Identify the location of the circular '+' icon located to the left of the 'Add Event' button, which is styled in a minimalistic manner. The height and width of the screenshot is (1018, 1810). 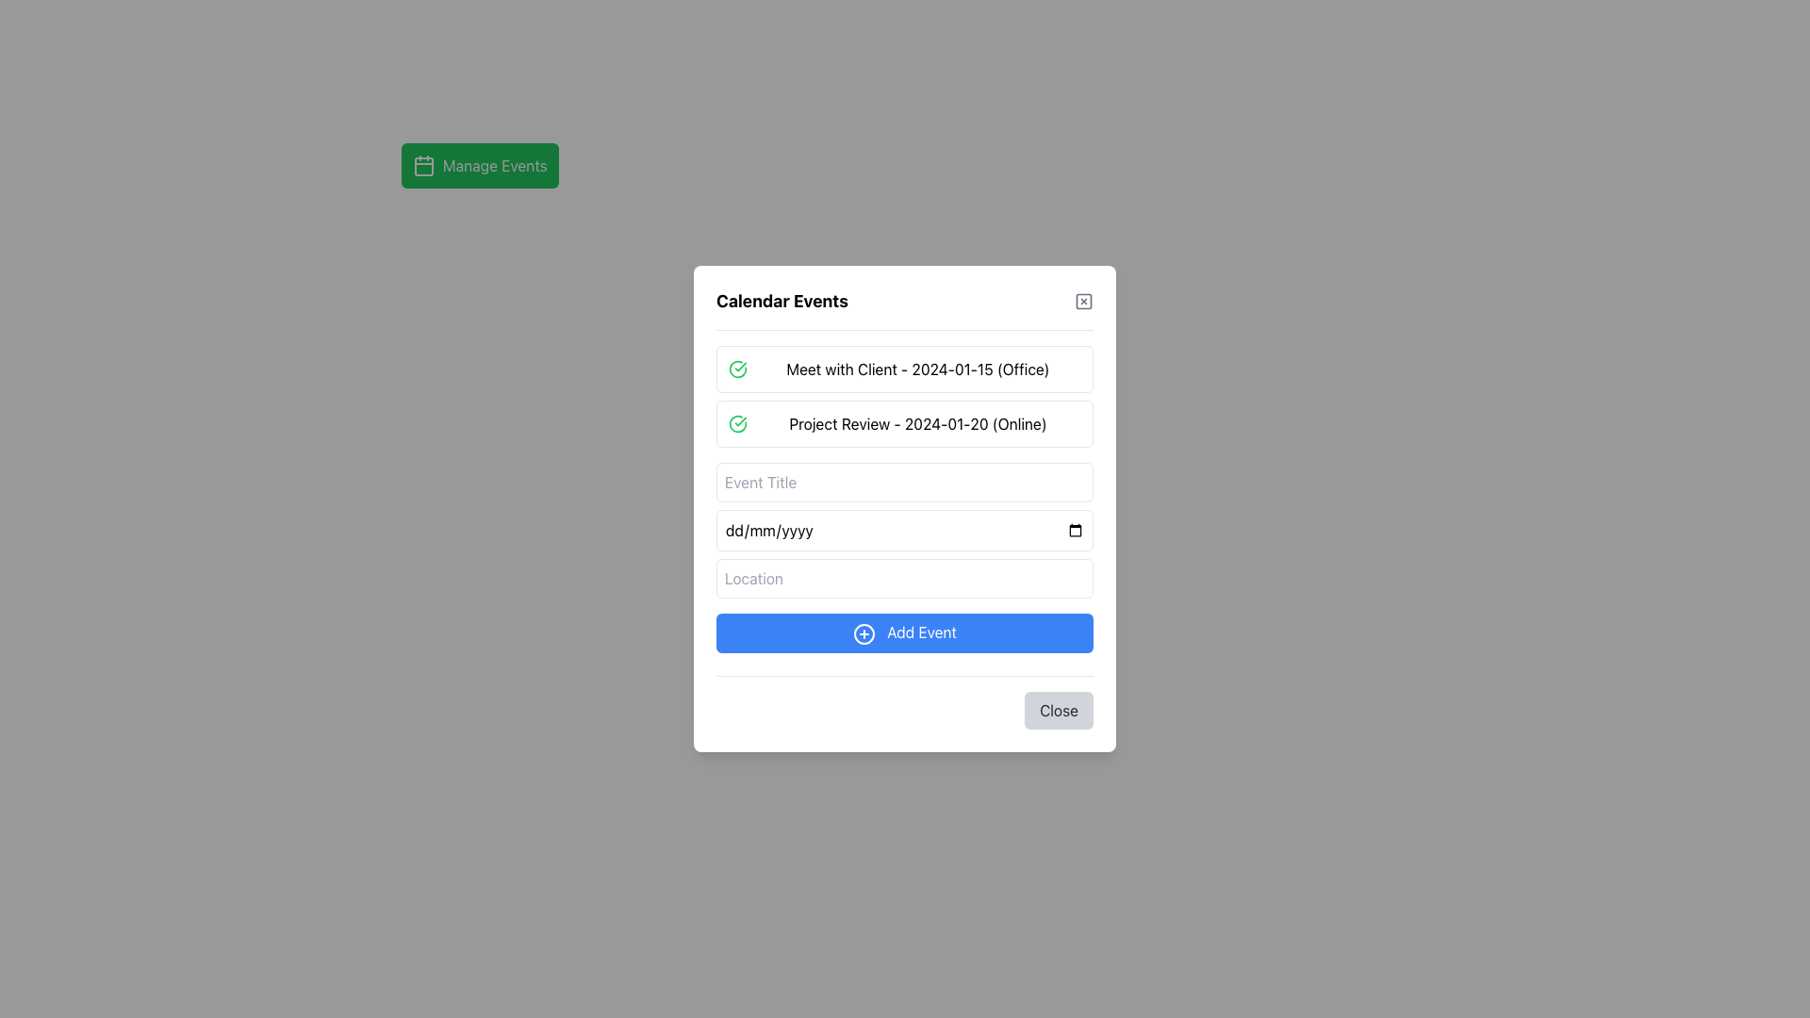
(863, 633).